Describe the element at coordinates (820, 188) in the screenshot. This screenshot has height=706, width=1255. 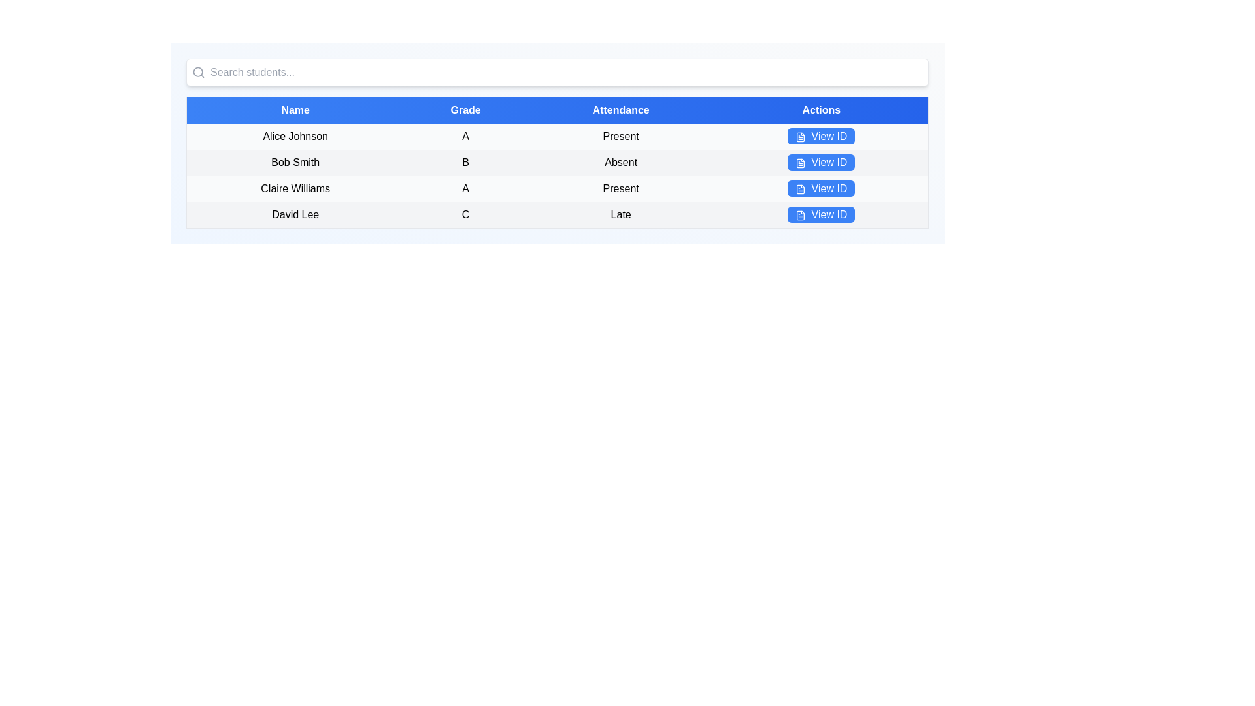
I see `the 'View ID' button with a blue background and white text located in the 'Actions' column for 'Claire Williams'` at that location.